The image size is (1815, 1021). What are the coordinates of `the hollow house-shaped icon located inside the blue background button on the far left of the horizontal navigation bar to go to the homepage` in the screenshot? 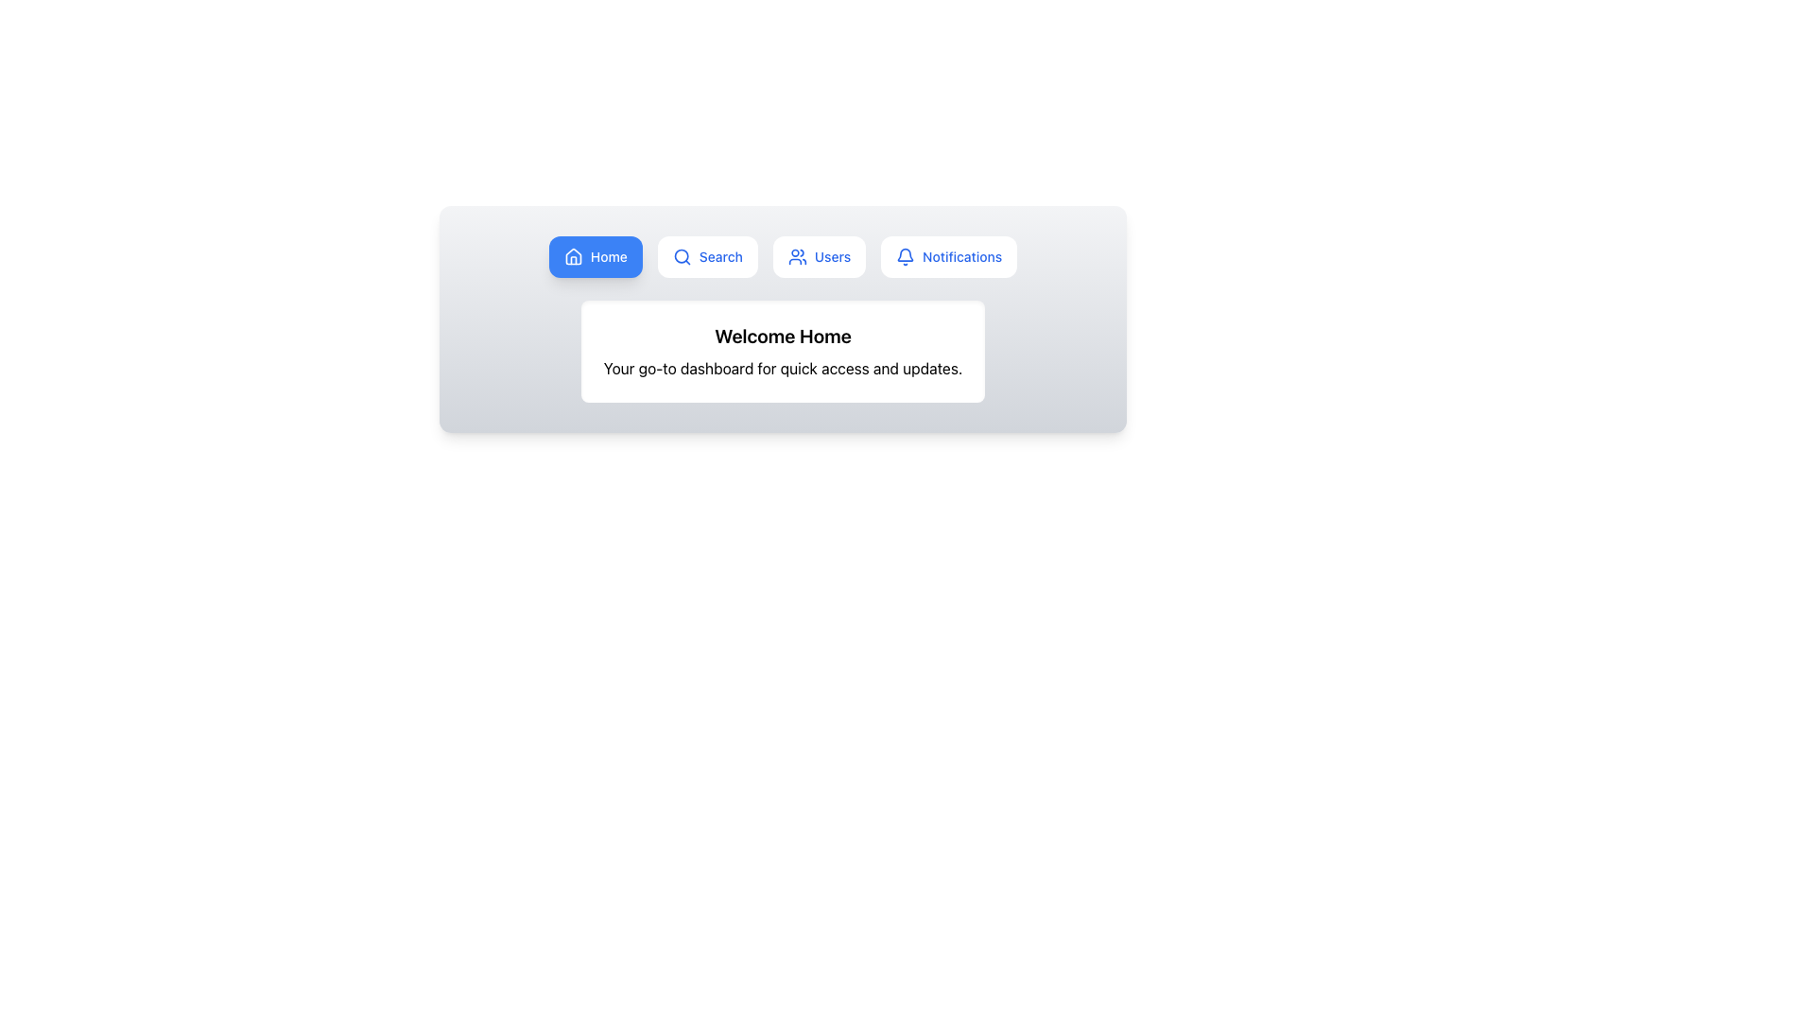 It's located at (572, 256).